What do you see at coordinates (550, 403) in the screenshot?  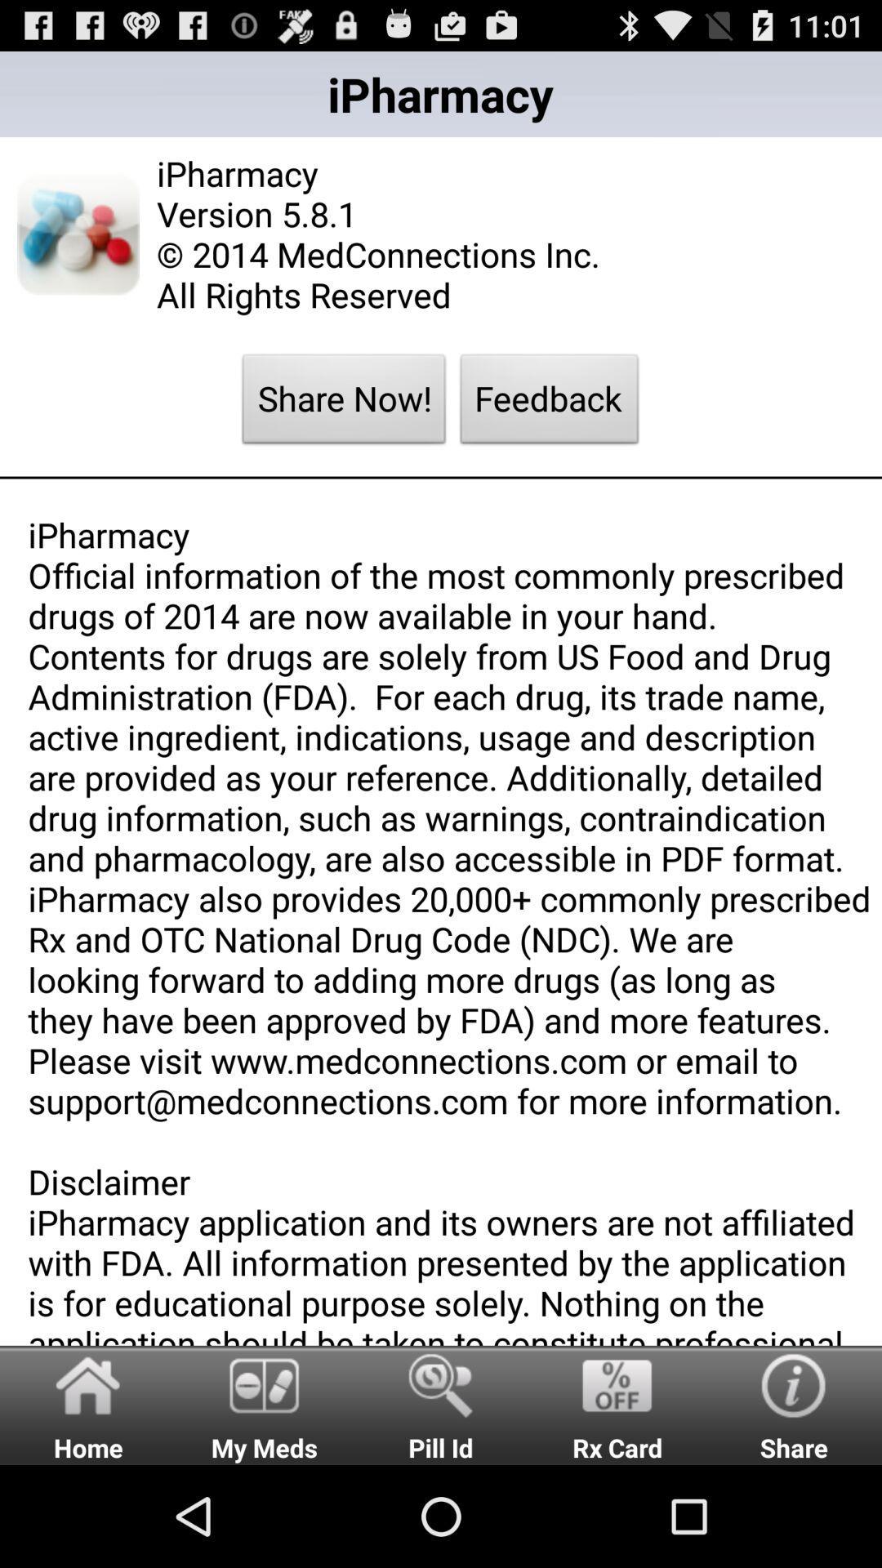 I see `the icon below ipharmacy version 5` at bounding box center [550, 403].